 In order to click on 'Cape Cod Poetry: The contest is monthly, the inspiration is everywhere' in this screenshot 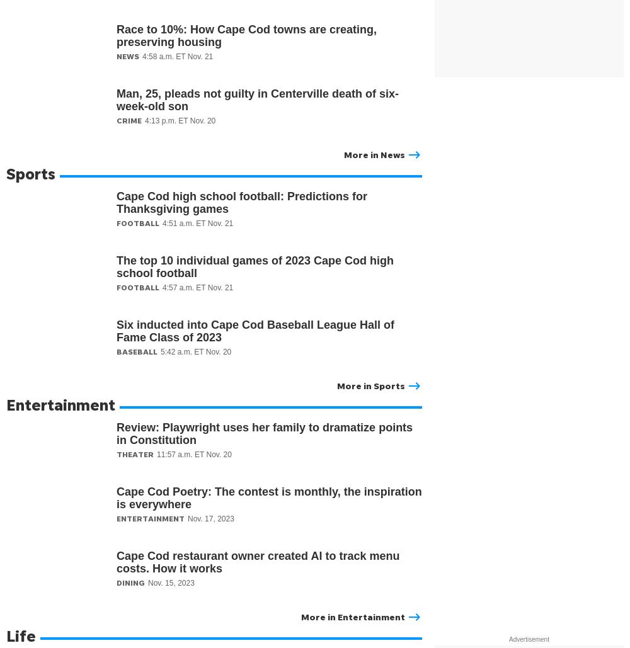, I will do `click(269, 497)`.